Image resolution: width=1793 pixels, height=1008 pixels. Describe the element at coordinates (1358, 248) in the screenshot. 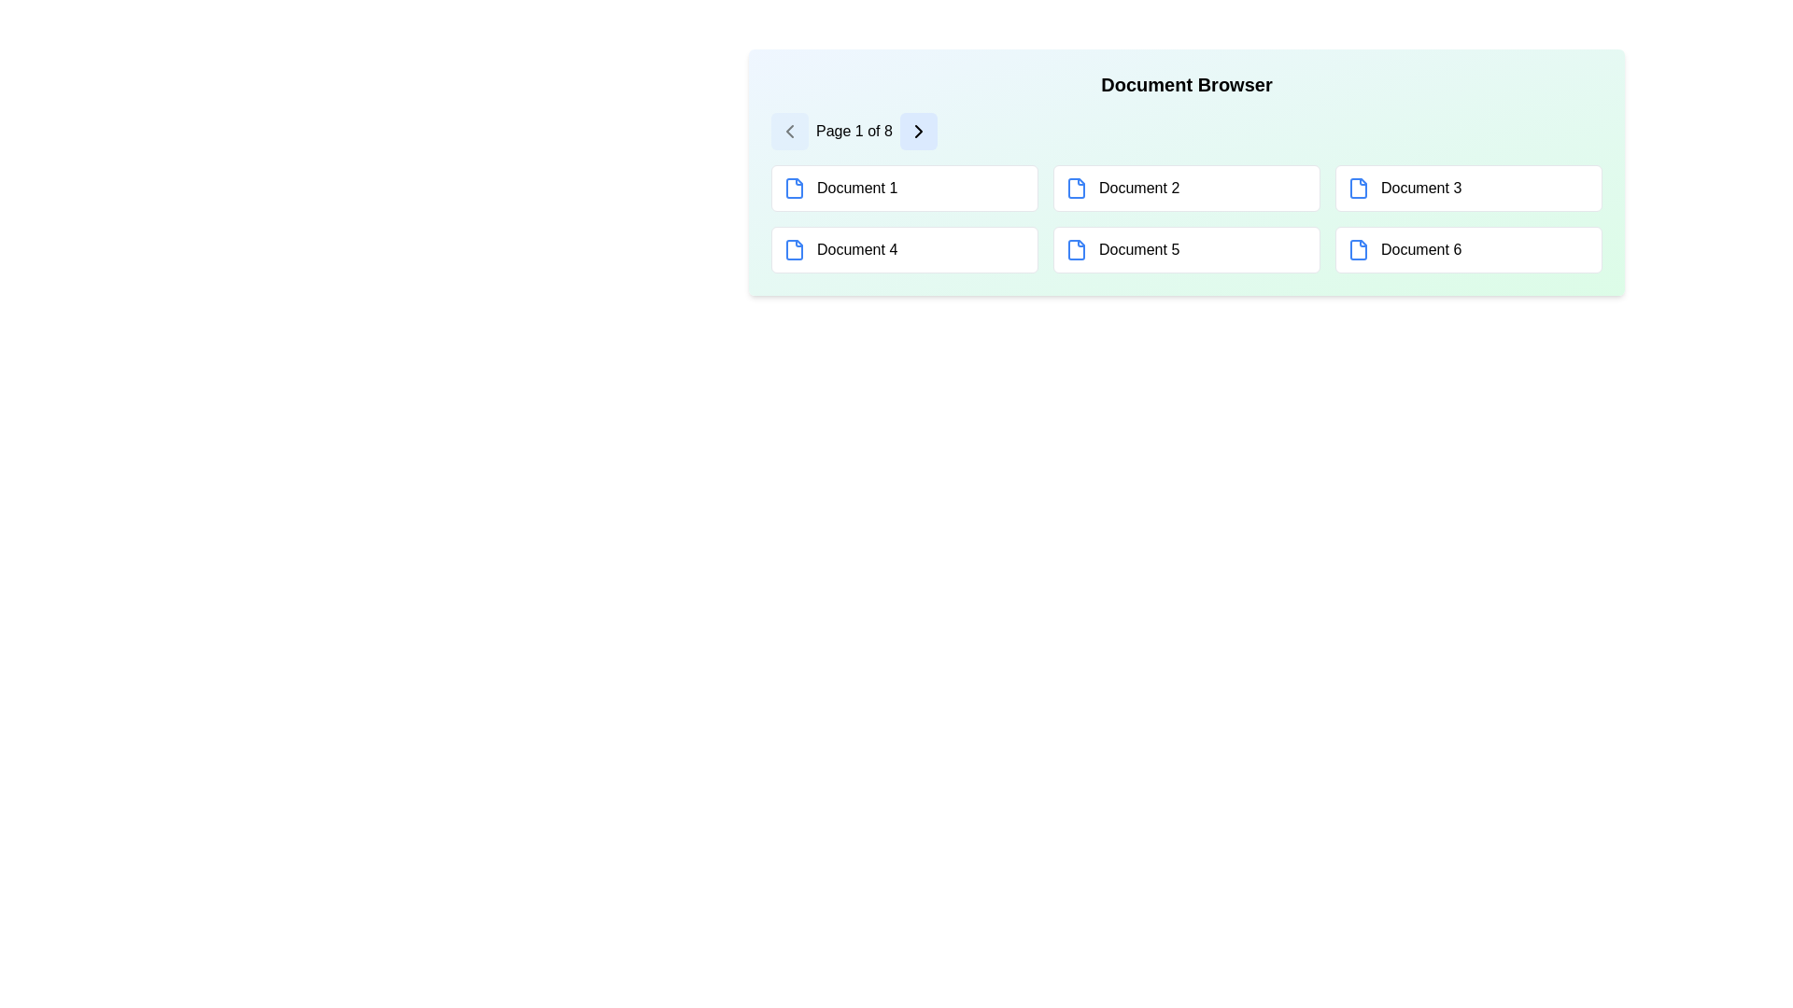

I see `the file document icon outlined with strong lines and filled with a blue shade, located in the 'Document Browser' section under 'Document 6'` at that location.